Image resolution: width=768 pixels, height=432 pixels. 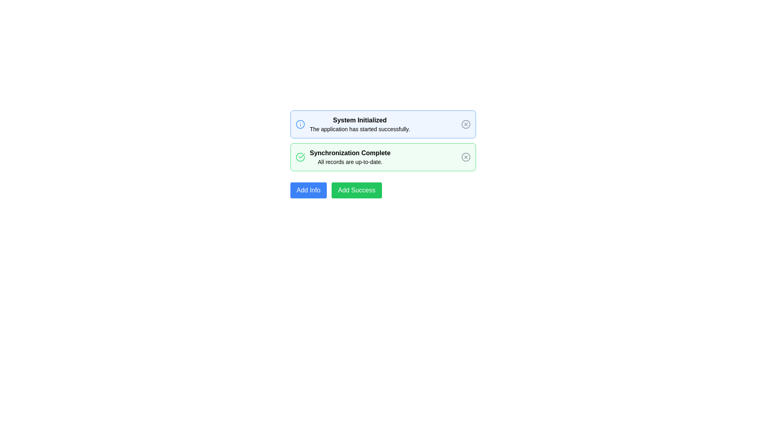 I want to click on text content from the status indicator text block, which informs the user that the synchronization process has completed successfully and that all records are current, so click(x=350, y=157).